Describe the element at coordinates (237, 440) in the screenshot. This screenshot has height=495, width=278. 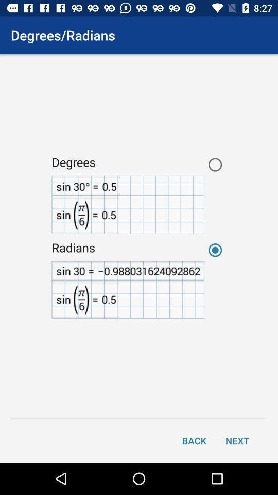
I see `the next` at that location.